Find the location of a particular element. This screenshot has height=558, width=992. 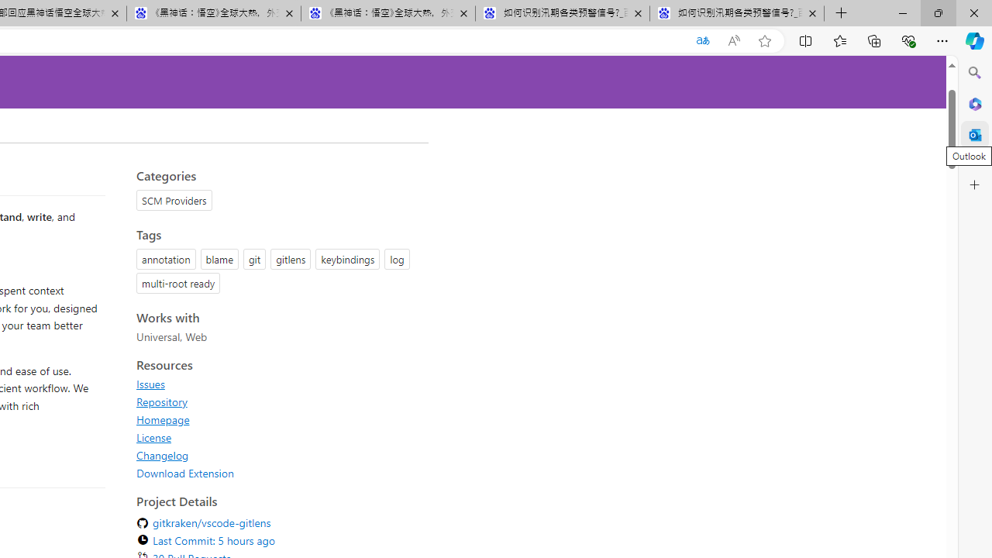

'Download Extension' is located at coordinates (185, 472).